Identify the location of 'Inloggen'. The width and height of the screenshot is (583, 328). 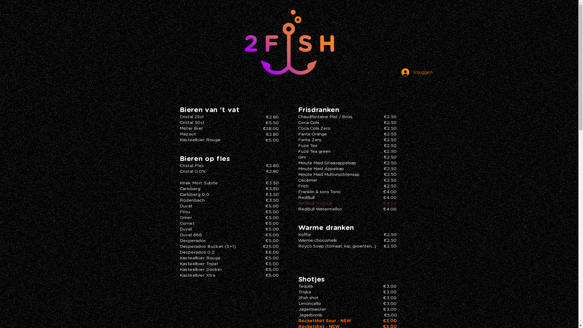
(415, 72).